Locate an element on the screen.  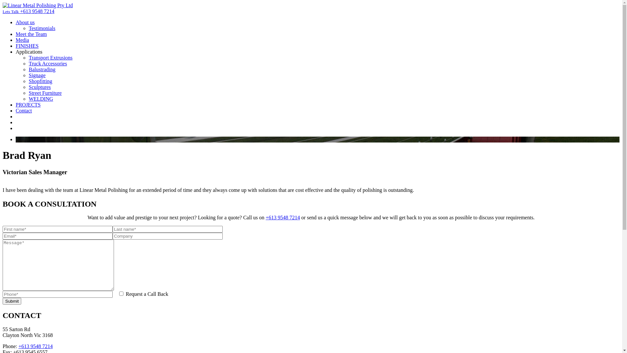
'Balustrading' is located at coordinates (42, 69).